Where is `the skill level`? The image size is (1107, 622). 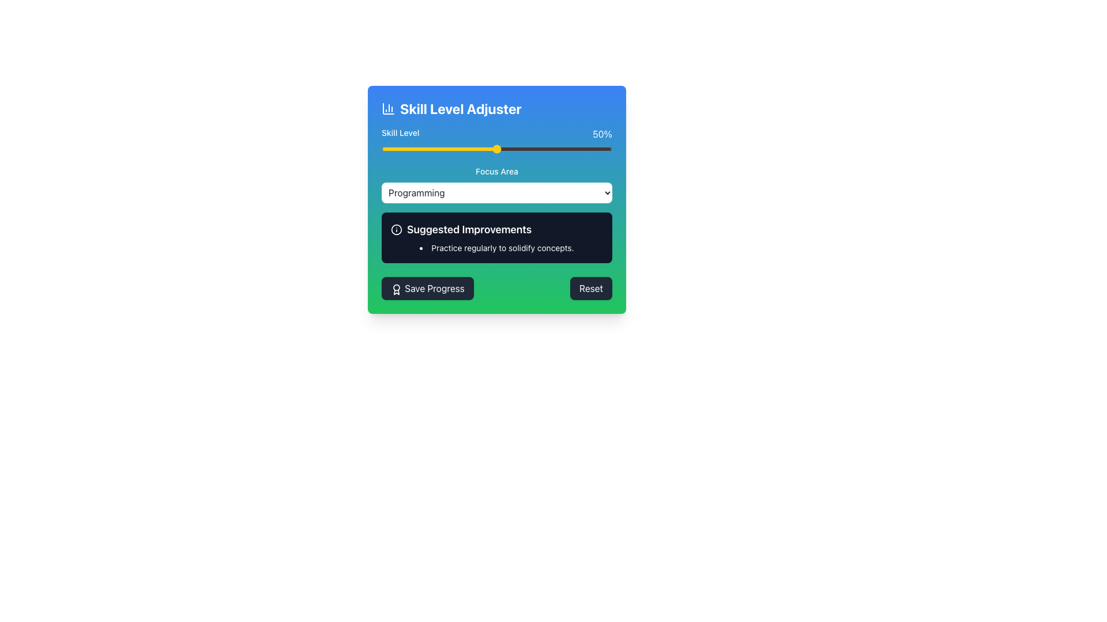 the skill level is located at coordinates (441, 148).